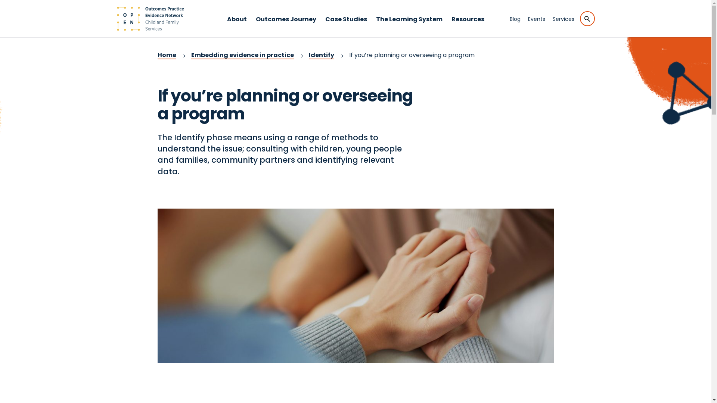 The image size is (717, 403). Describe the element at coordinates (563, 18) in the screenshot. I see `'Services'` at that location.